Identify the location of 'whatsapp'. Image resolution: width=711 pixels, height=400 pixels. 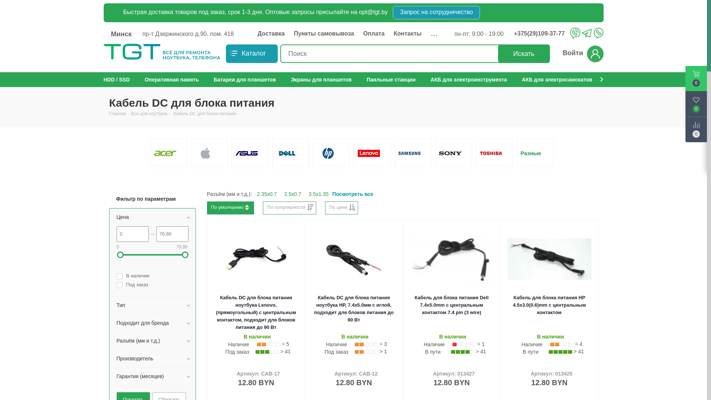
(598, 32).